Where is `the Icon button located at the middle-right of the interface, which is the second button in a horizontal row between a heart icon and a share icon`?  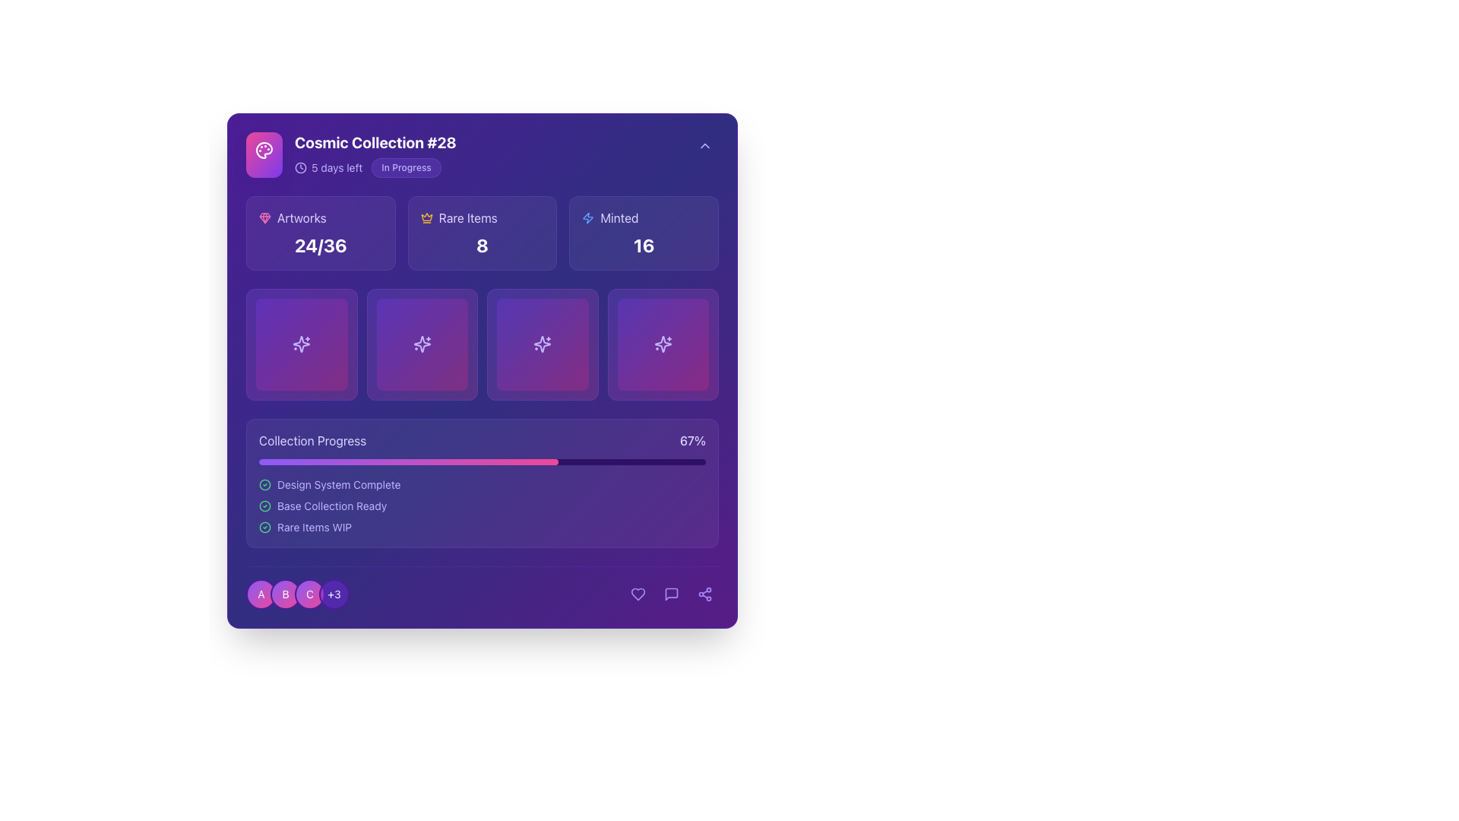 the Icon button located at the middle-right of the interface, which is the second button in a horizontal row between a heart icon and a share icon is located at coordinates (670, 593).